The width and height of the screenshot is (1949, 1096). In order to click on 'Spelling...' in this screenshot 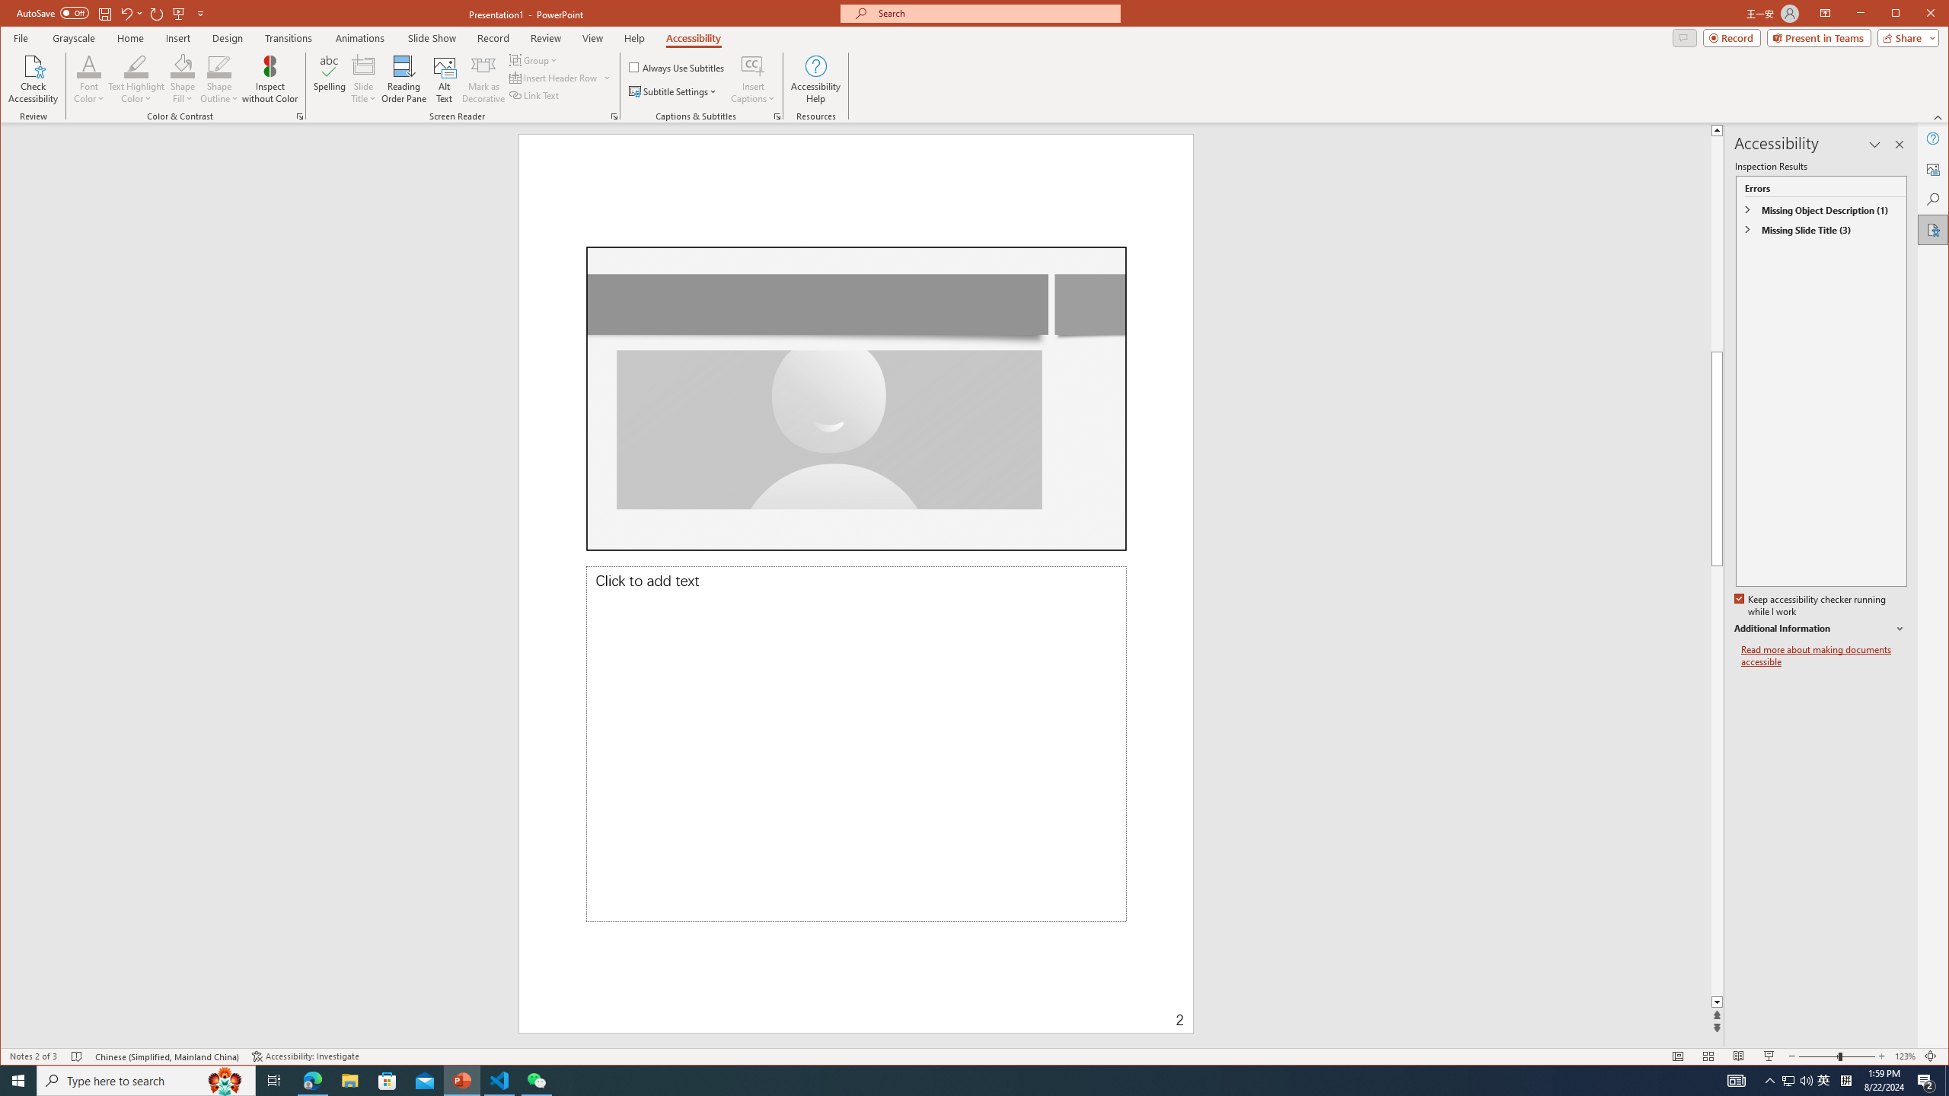, I will do `click(329, 78)`.